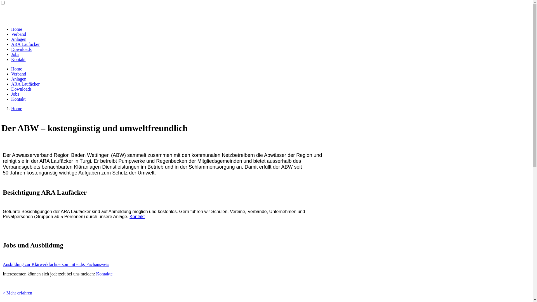 The width and height of the screenshot is (537, 302). I want to click on '> Mehr erfahren', so click(17, 292).